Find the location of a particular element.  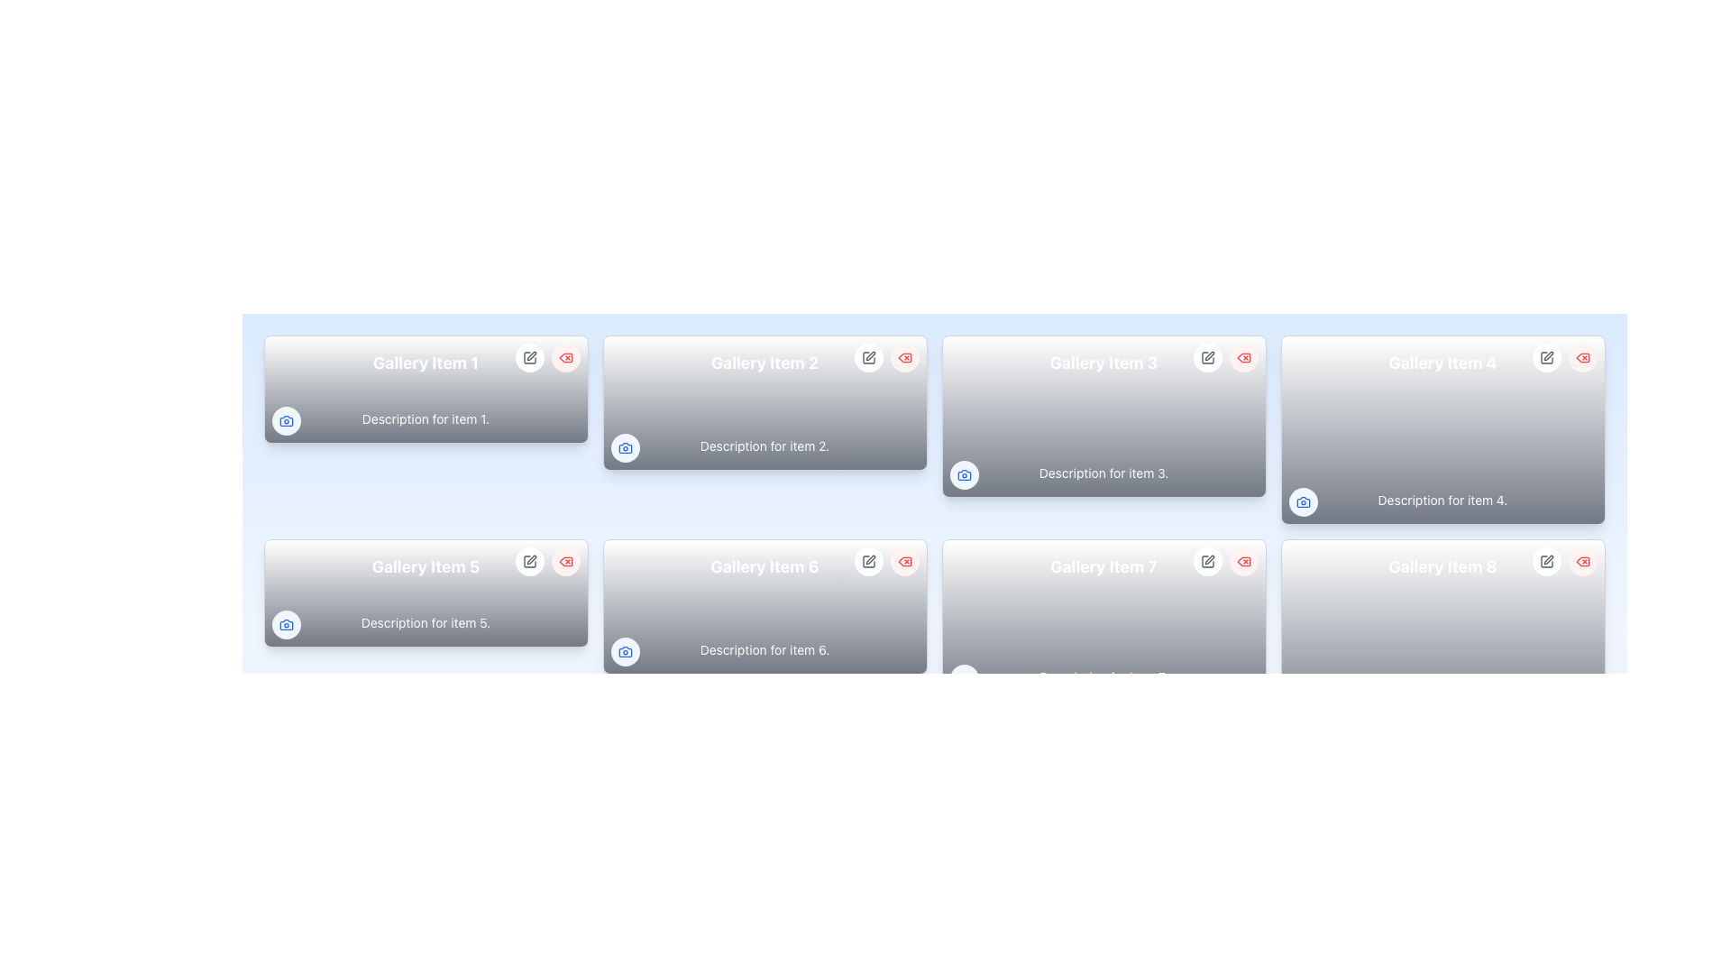

the delete icon located in the top-right corner of the card labeled 'Gallery Item 4' is located at coordinates (1581, 358).